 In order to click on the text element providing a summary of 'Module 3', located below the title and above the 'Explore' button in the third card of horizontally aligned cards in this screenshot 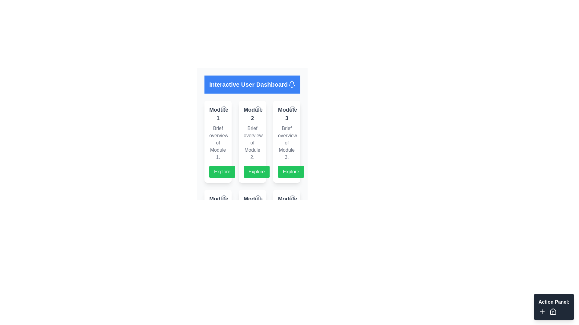, I will do `click(286, 143)`.